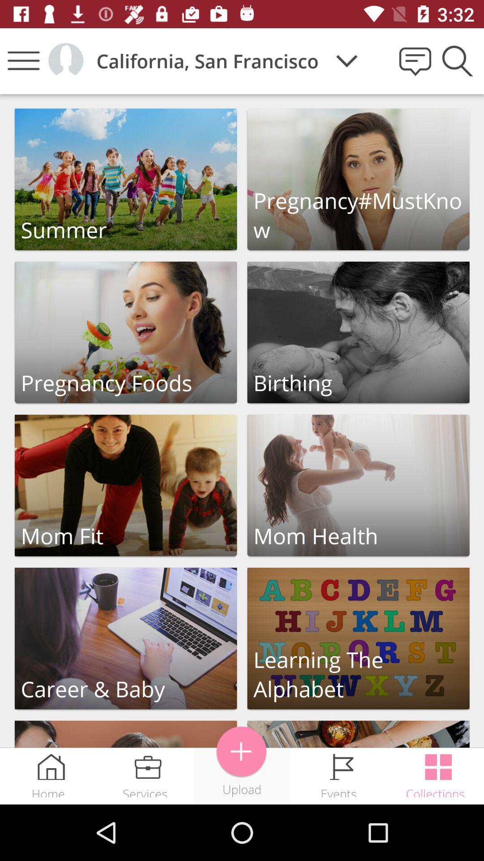 The height and width of the screenshot is (861, 484). What do you see at coordinates (125, 638) in the screenshot?
I see `the career and baby sections` at bounding box center [125, 638].